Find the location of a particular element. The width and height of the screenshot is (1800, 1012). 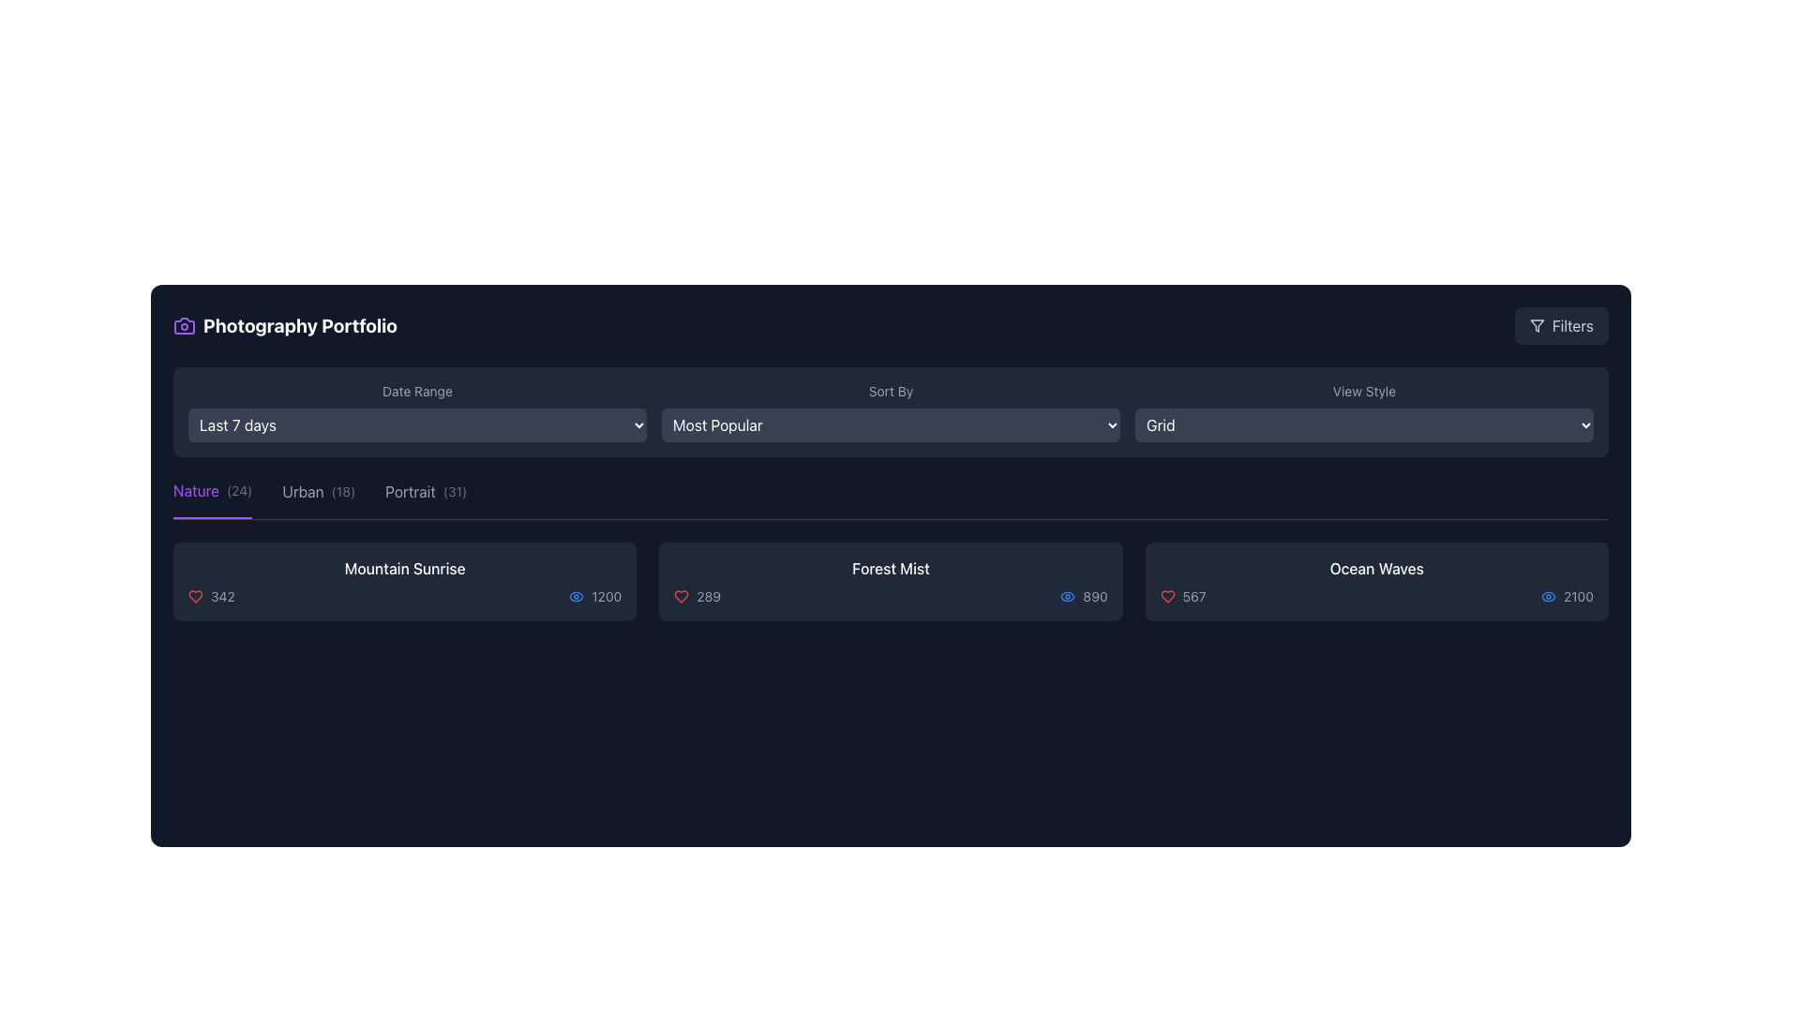

the 'Portrait' category label, which is the third option in a horizontally aligned list of category options, to potentially see a tooltip is located at coordinates (425, 498).